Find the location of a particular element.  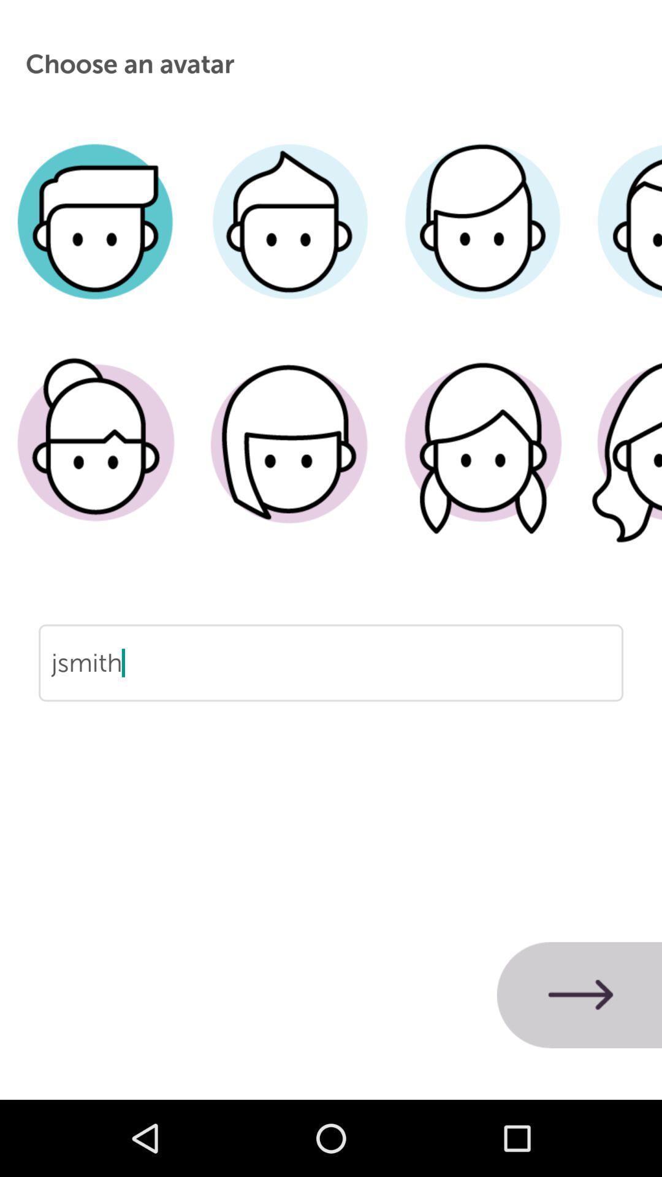

braid girl cartoon is located at coordinates (482, 461).